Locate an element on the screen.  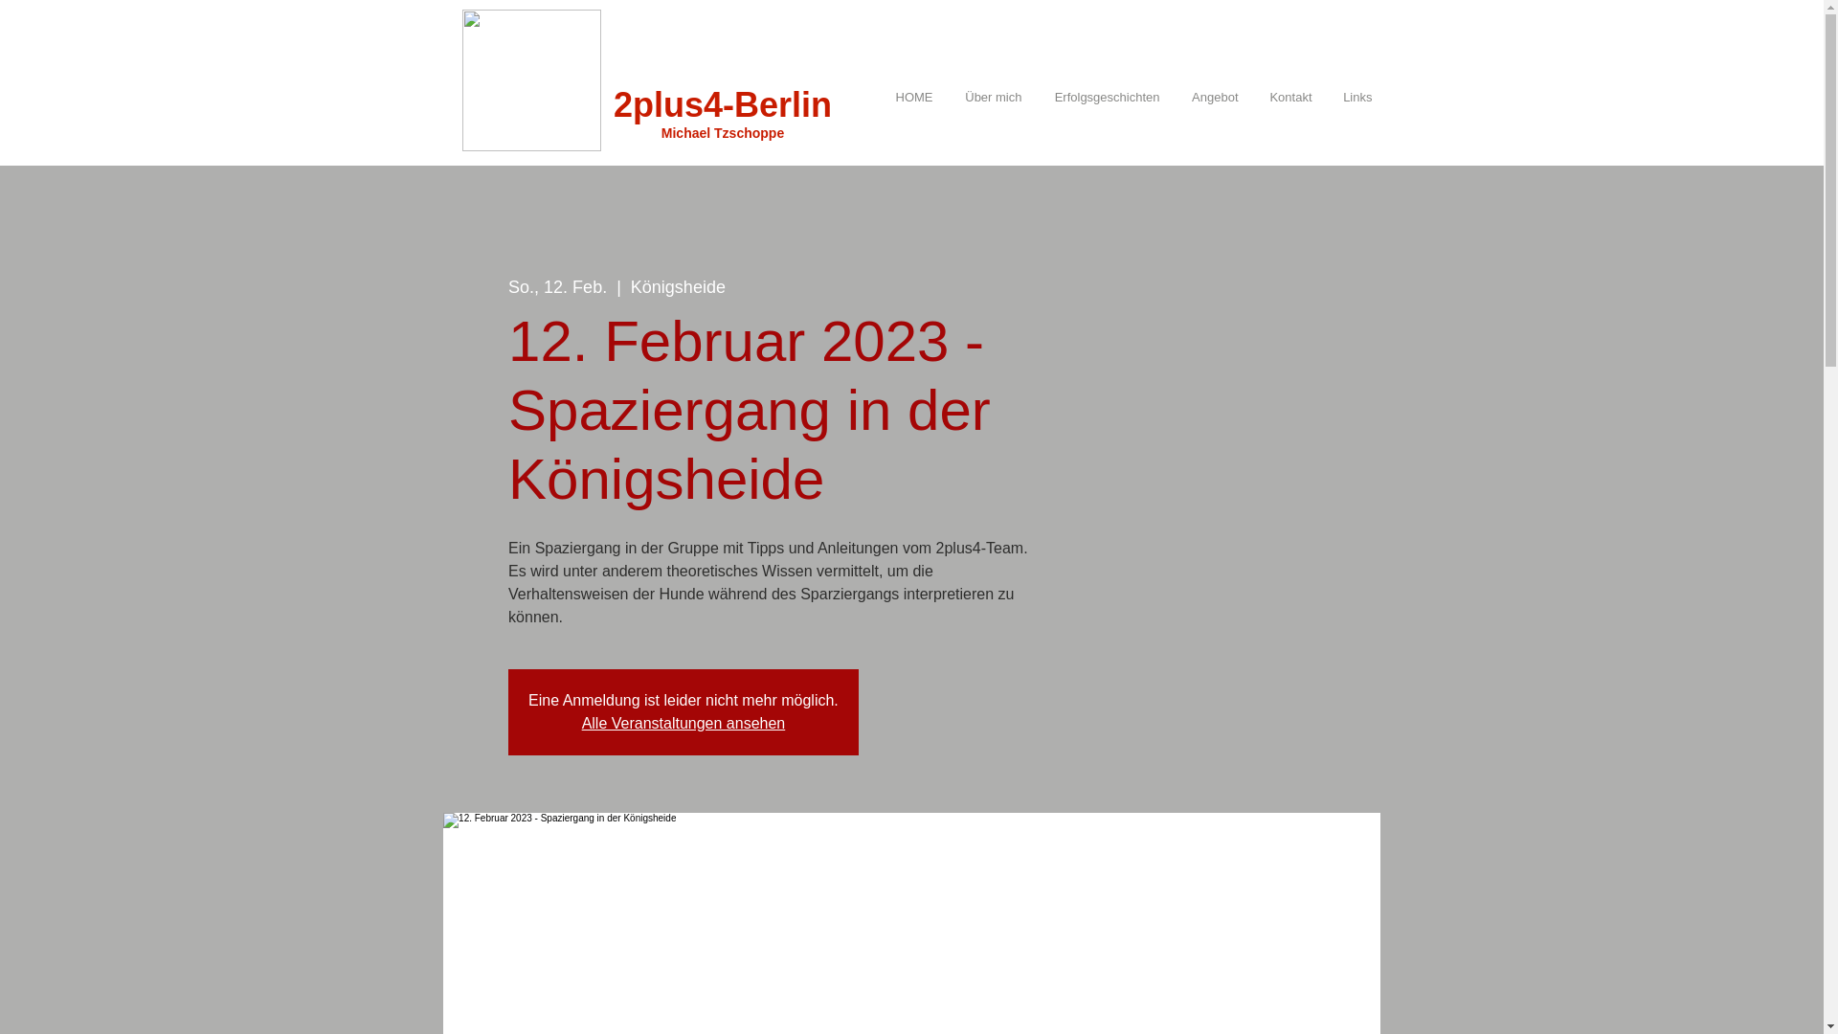
'HOME' is located at coordinates (907, 97).